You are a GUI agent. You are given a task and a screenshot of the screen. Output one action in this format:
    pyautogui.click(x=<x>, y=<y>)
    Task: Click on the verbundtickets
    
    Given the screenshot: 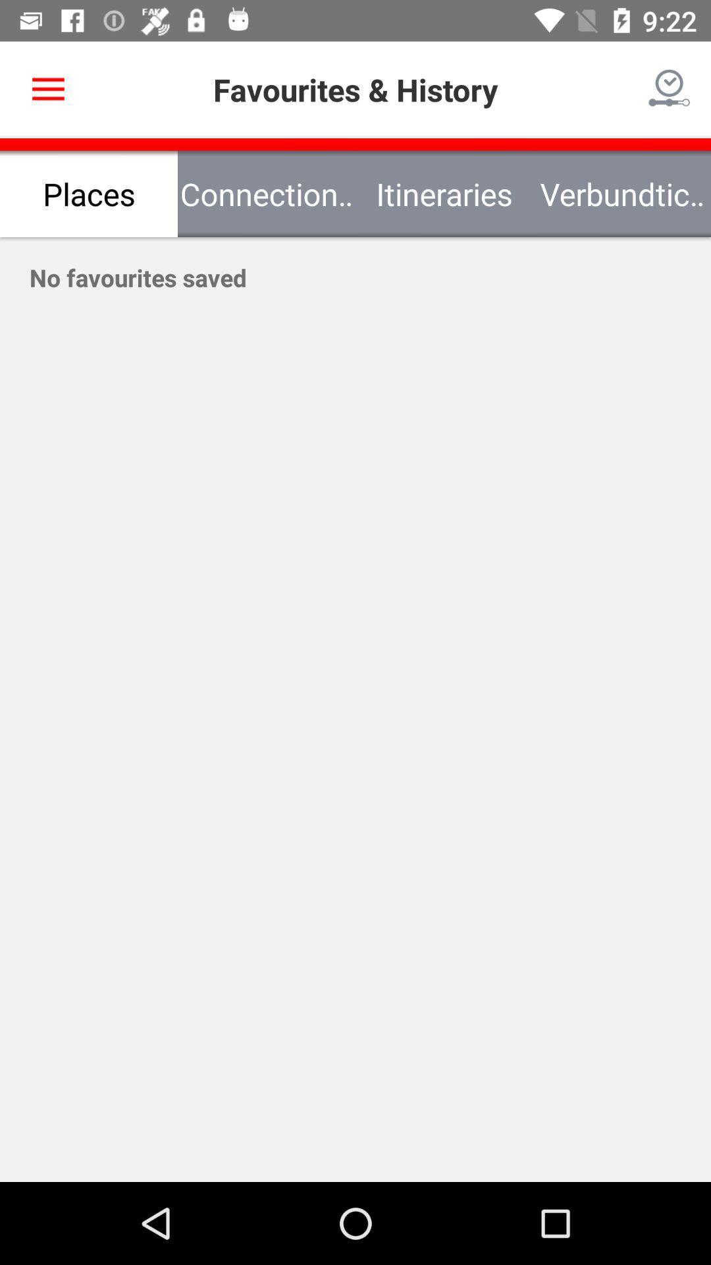 What is the action you would take?
    pyautogui.click(x=622, y=193)
    